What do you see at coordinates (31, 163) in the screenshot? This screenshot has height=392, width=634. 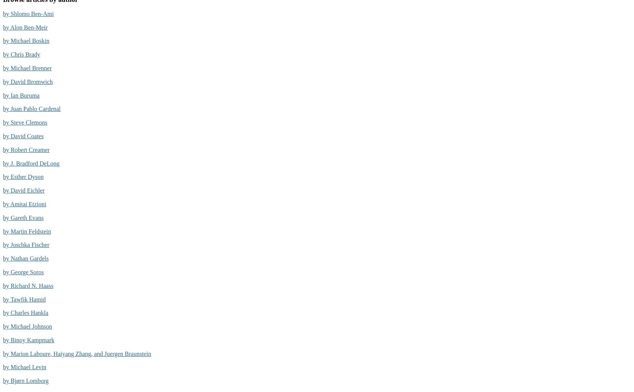 I see `'by J. Bradford DeLong'` at bounding box center [31, 163].